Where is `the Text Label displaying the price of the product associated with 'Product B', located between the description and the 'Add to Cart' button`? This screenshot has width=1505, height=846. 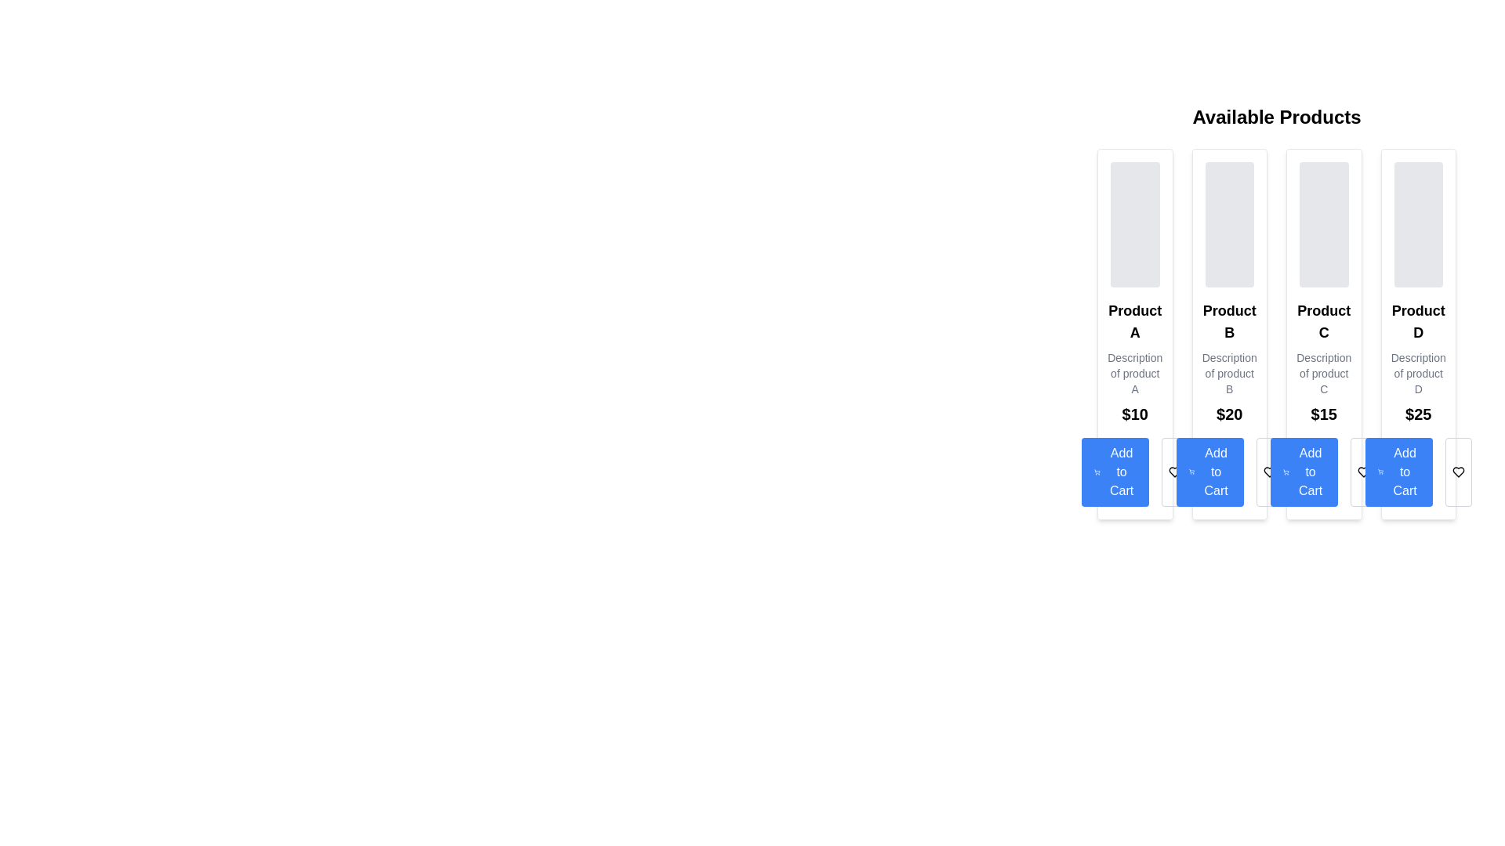 the Text Label displaying the price of the product associated with 'Product B', located between the description and the 'Add to Cart' button is located at coordinates (1228, 413).